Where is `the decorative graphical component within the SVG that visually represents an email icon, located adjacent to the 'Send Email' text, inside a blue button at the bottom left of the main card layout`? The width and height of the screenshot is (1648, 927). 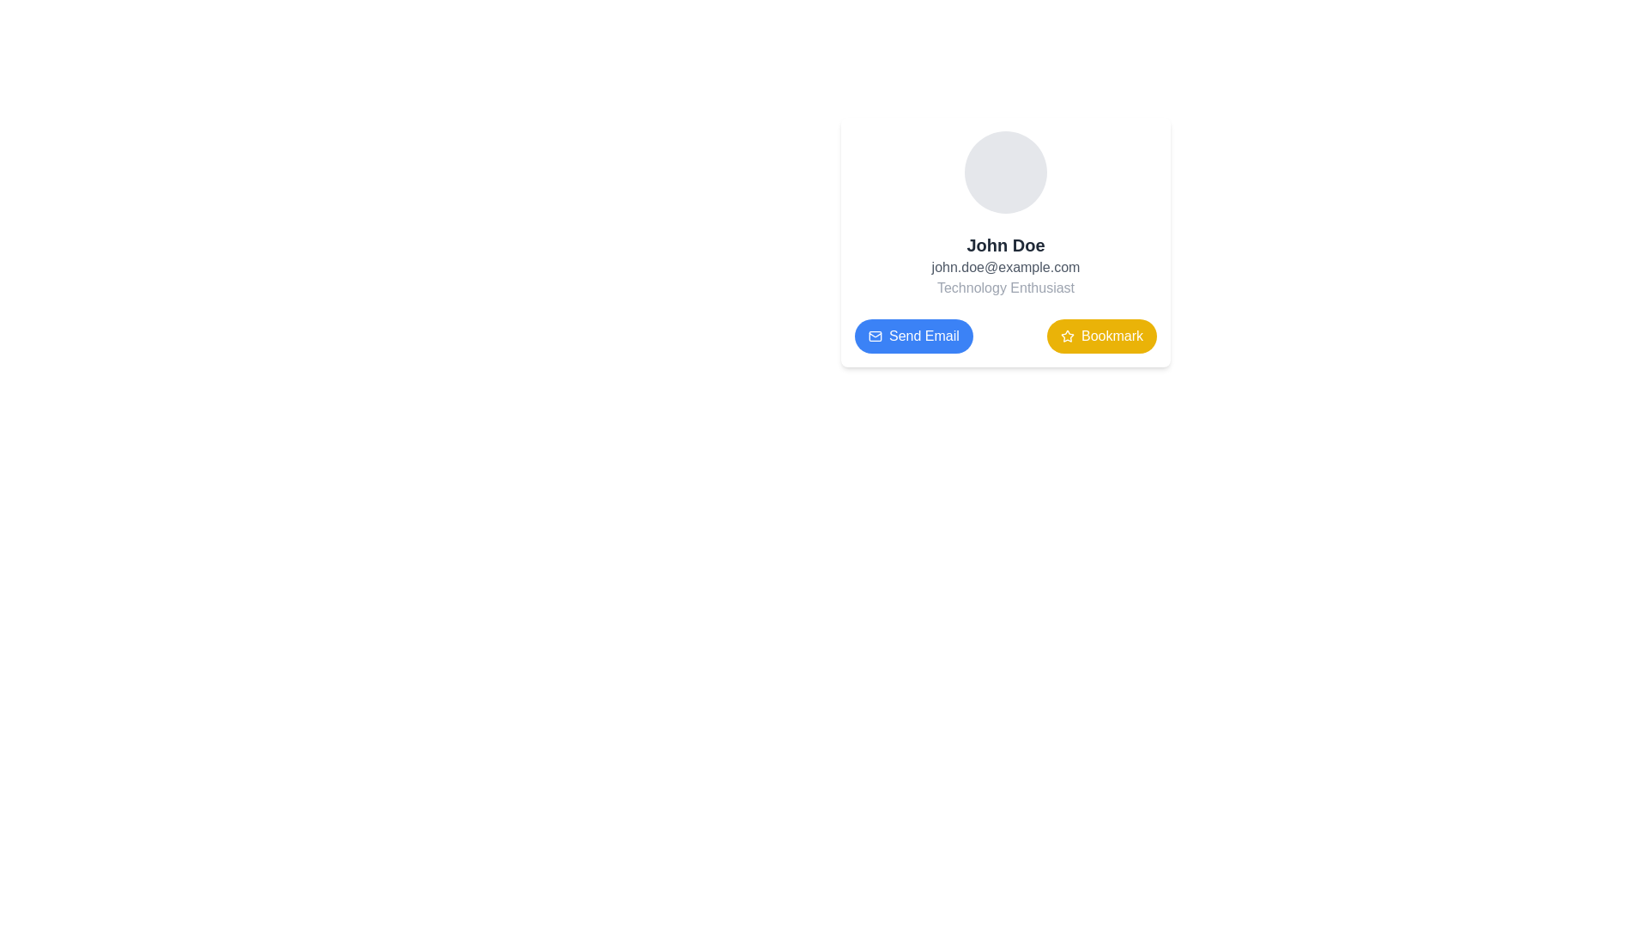 the decorative graphical component within the SVG that visually represents an email icon, located adjacent to the 'Send Email' text, inside a blue button at the bottom left of the main card layout is located at coordinates (875, 336).